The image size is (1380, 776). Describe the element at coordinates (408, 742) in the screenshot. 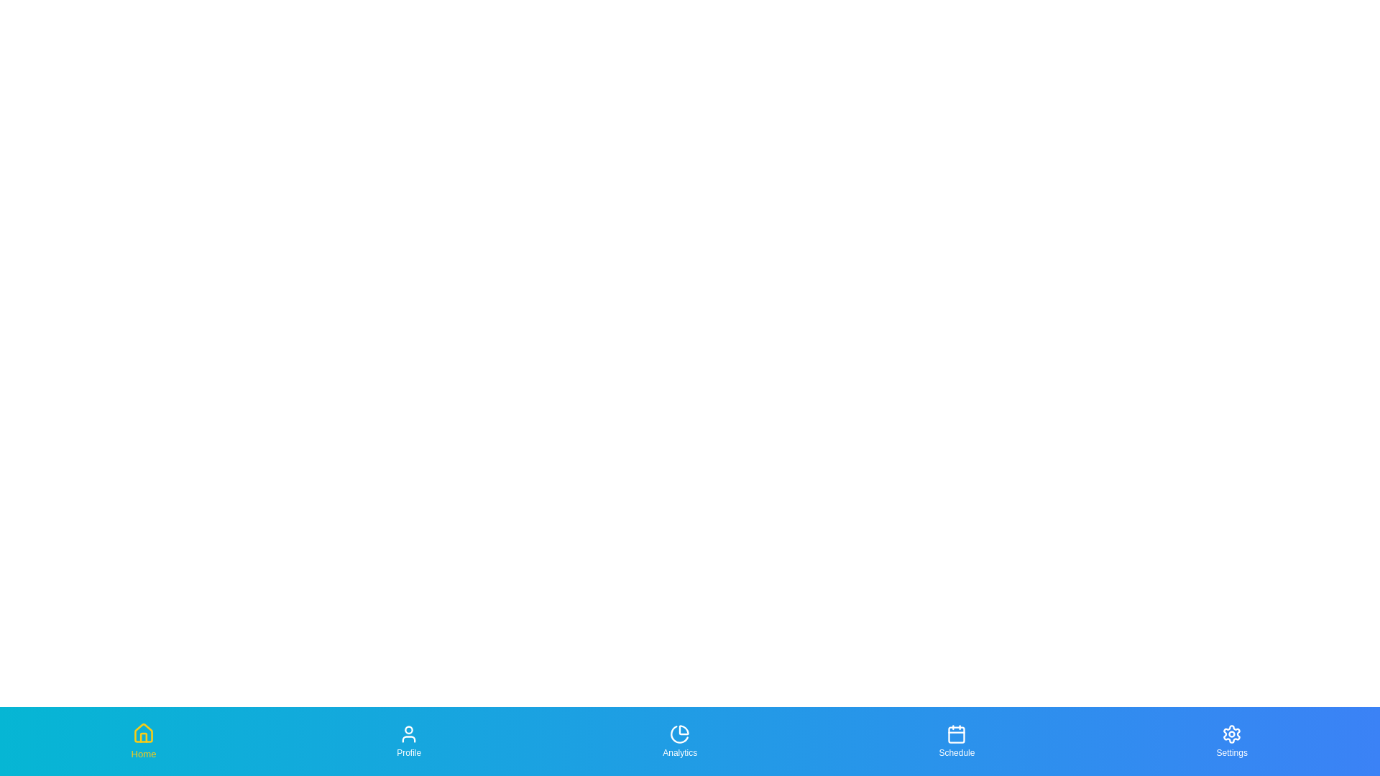

I see `the tab labeled Profile to focus on it` at that location.